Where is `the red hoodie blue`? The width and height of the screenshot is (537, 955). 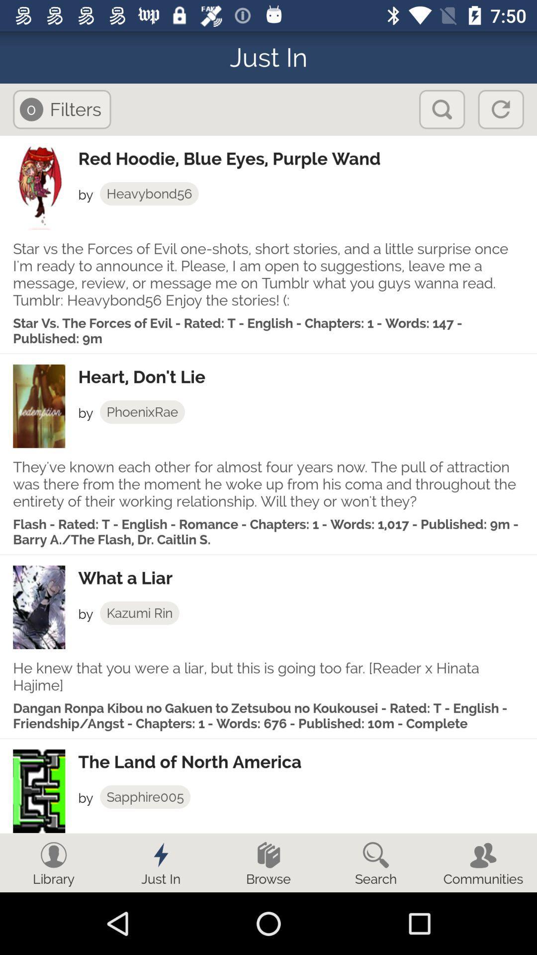
the red hoodie blue is located at coordinates (307, 158).